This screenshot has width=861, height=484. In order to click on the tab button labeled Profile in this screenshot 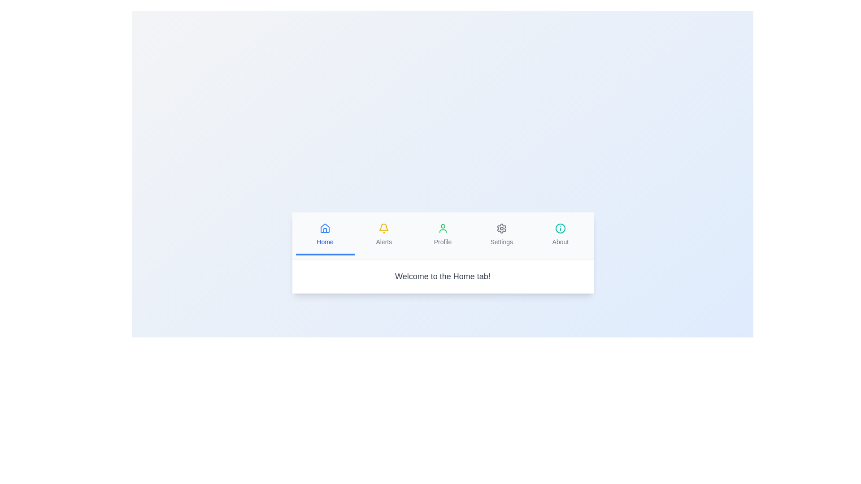, I will do `click(443, 234)`.